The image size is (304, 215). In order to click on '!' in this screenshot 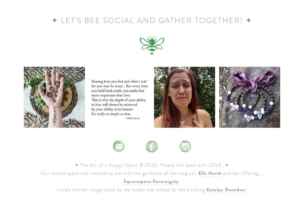, I will do `click(246, 189)`.